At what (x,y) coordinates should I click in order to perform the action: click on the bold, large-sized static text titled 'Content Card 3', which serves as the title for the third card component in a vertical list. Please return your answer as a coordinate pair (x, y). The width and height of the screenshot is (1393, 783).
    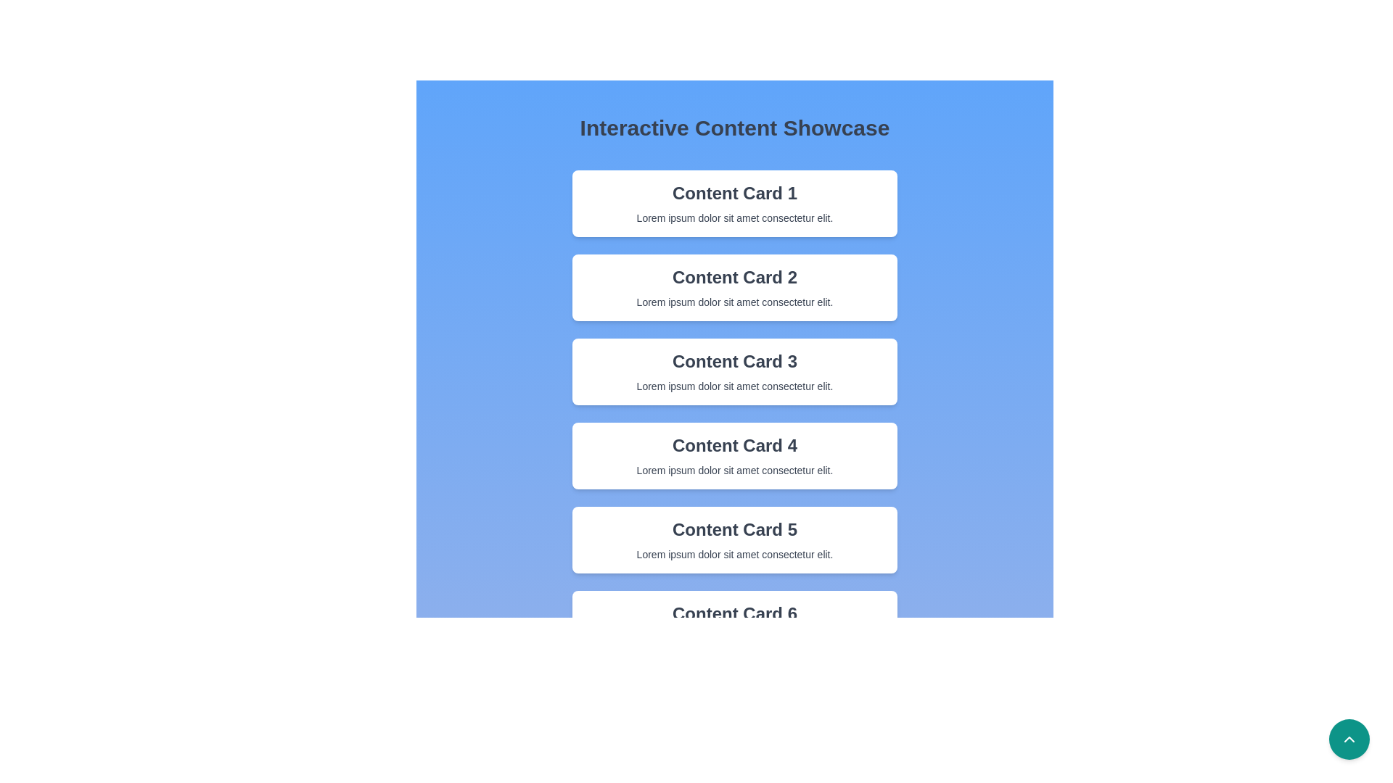
    Looking at the image, I should click on (734, 360).